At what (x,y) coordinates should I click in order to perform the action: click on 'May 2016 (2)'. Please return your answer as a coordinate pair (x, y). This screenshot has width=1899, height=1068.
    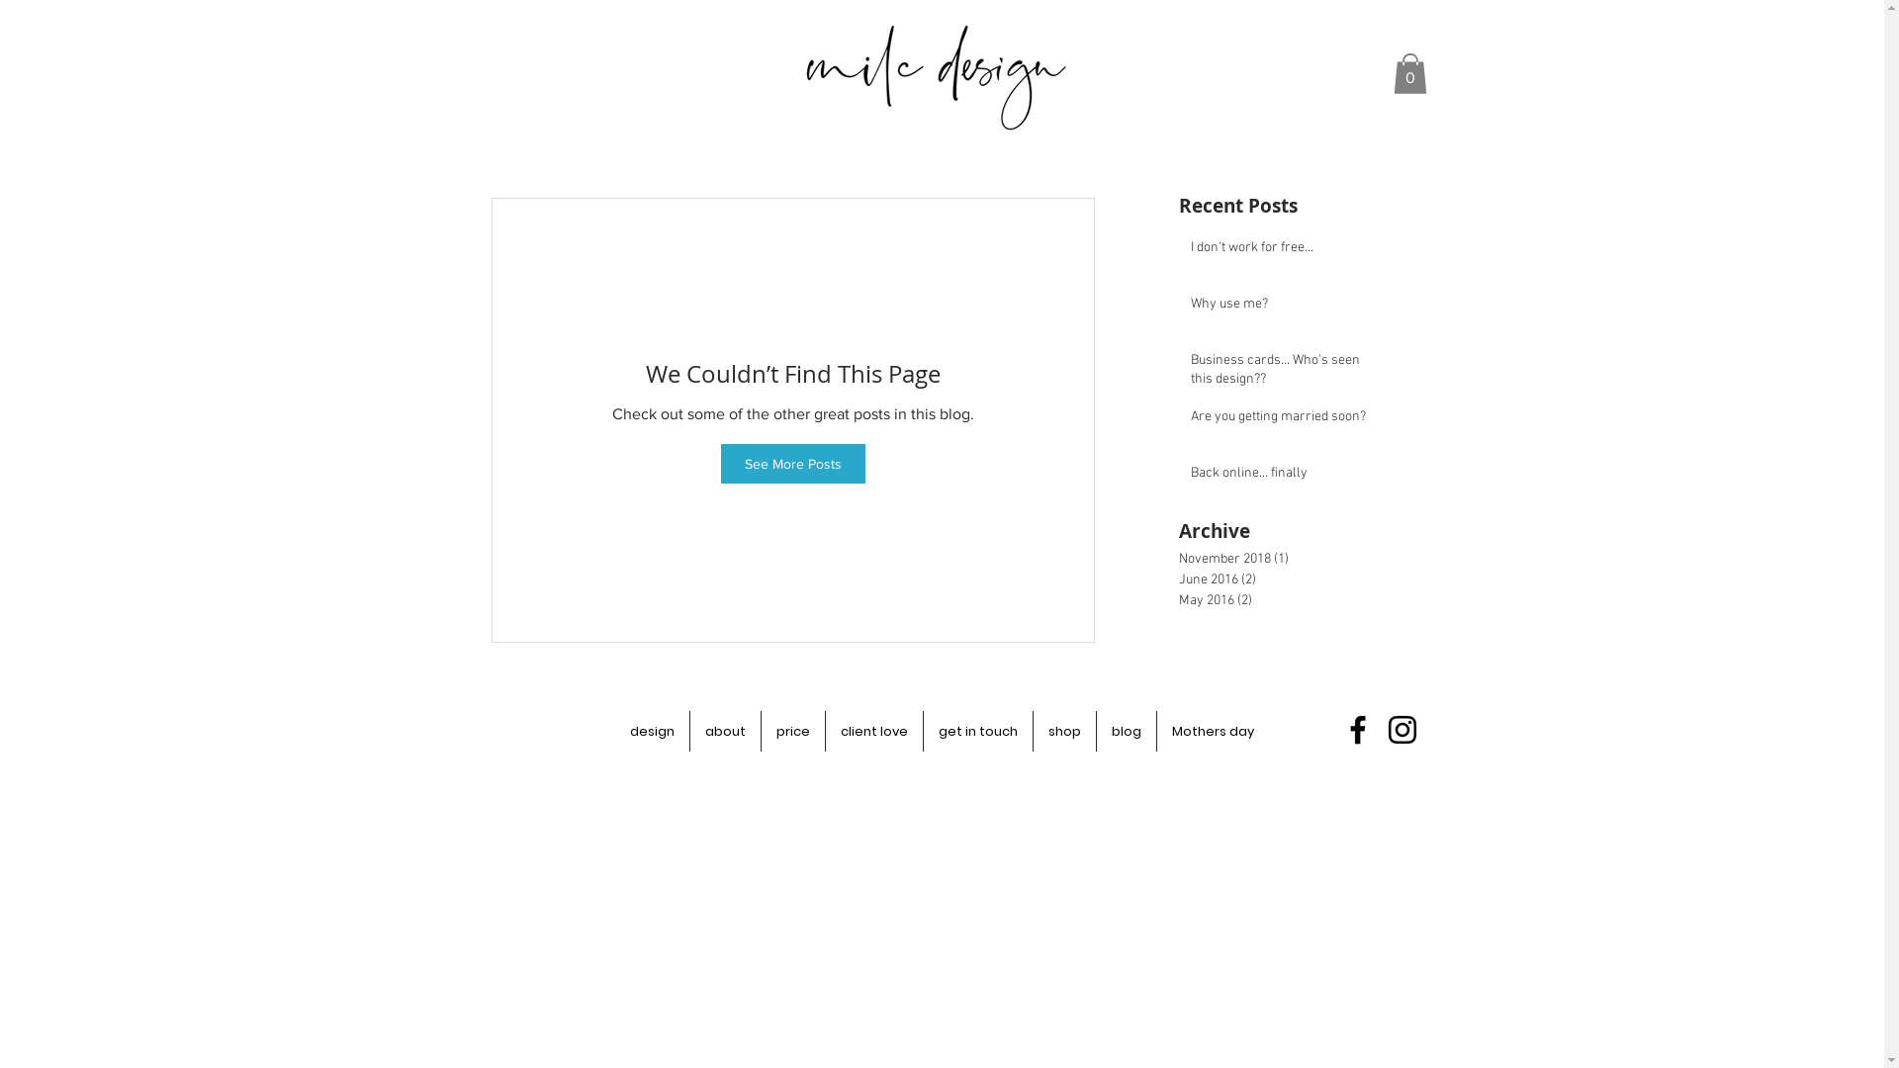
    Looking at the image, I should click on (1282, 599).